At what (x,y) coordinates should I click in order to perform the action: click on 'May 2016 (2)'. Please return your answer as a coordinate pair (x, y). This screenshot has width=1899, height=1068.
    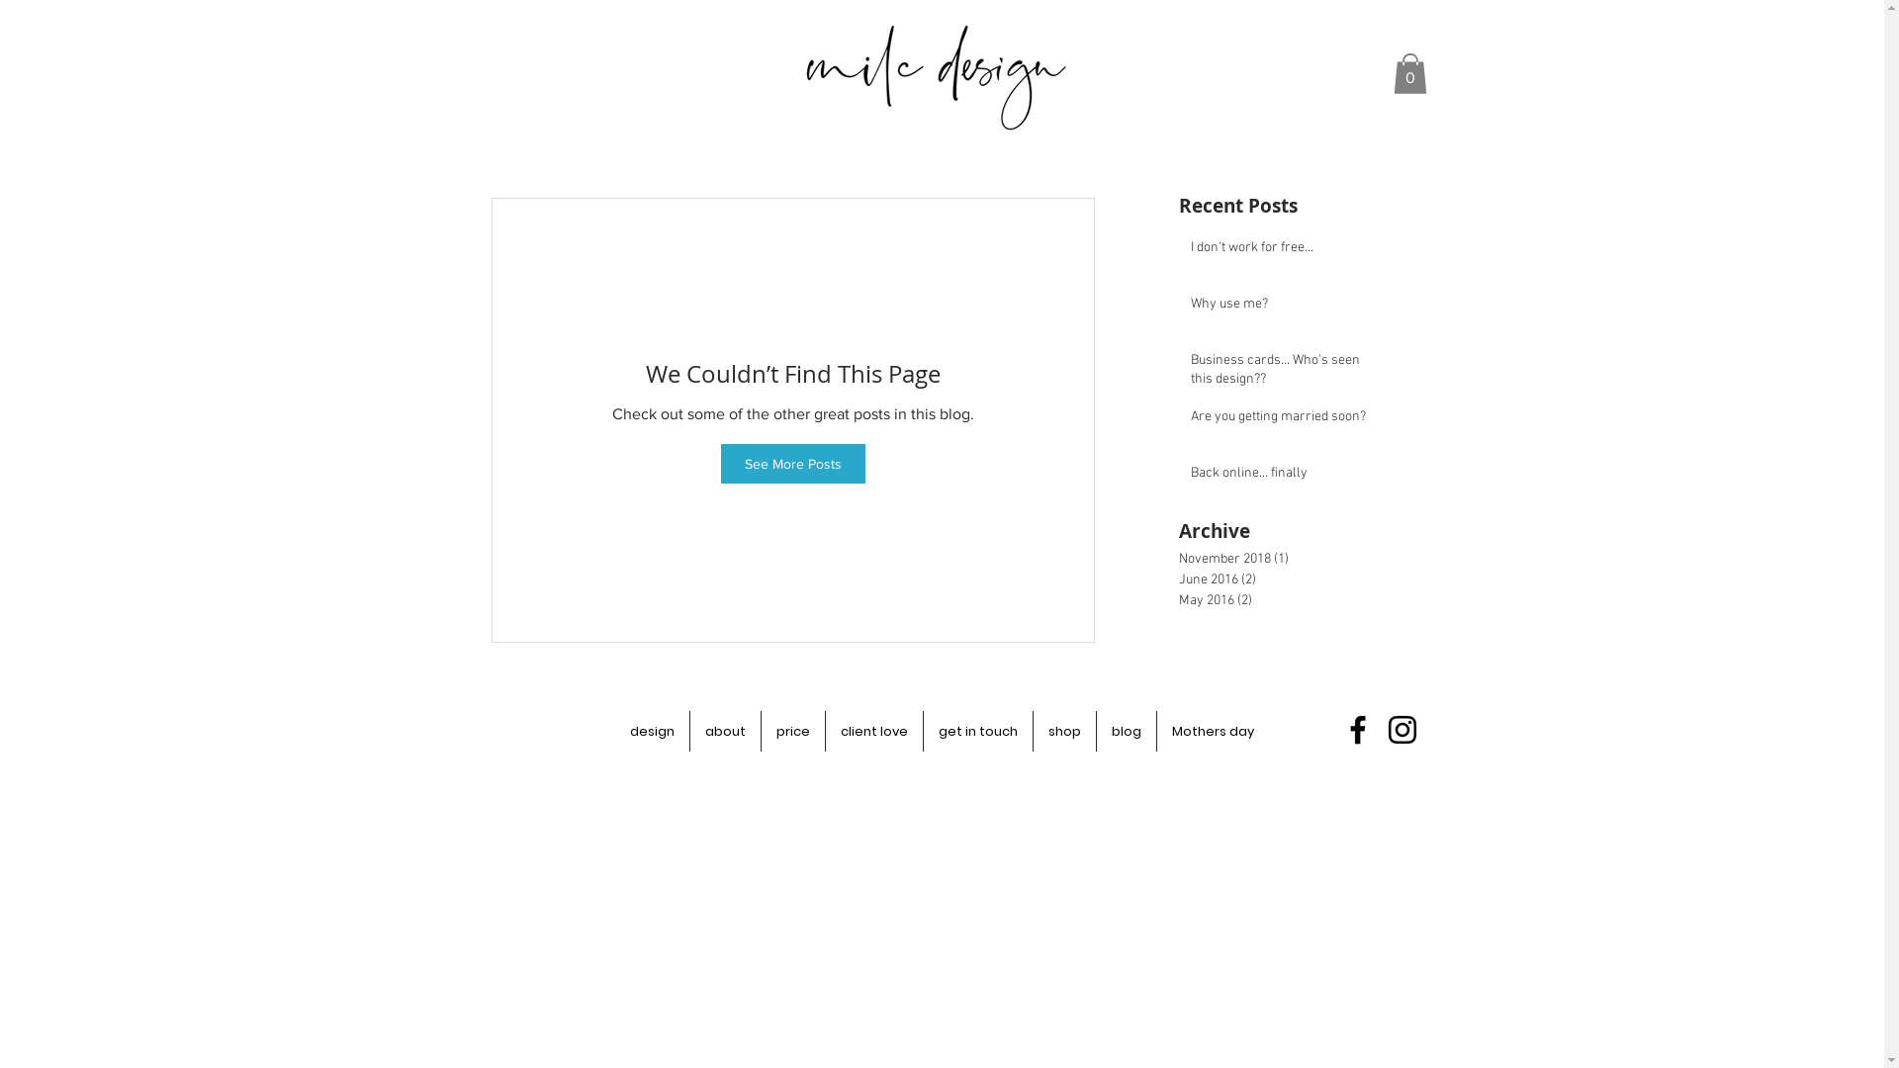
    Looking at the image, I should click on (1282, 599).